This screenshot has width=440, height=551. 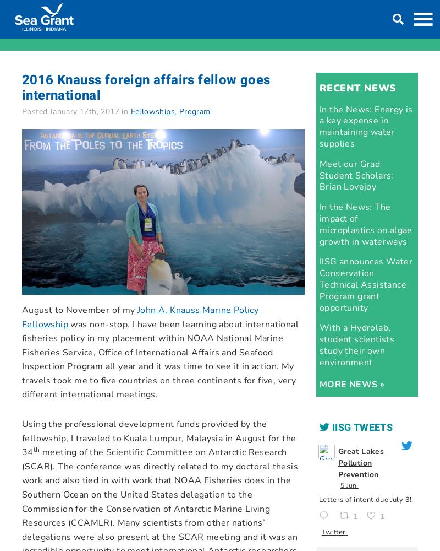 I want to click on 'DONATE', so click(x=324, y=12).